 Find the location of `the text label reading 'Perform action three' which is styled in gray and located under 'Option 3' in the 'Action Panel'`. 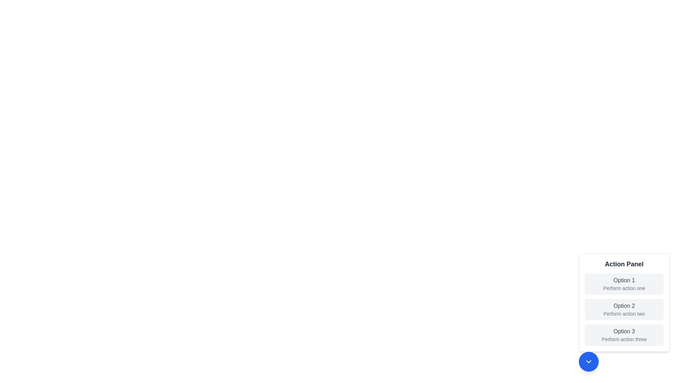

the text label reading 'Perform action three' which is styled in gray and located under 'Option 3' in the 'Action Panel' is located at coordinates (624, 339).